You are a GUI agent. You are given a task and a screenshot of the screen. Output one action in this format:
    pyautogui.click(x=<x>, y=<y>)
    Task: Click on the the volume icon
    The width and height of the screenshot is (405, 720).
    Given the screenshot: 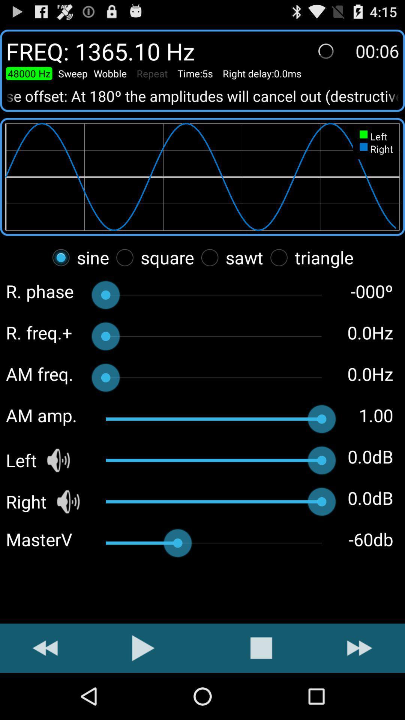 What is the action you would take?
    pyautogui.click(x=68, y=536)
    